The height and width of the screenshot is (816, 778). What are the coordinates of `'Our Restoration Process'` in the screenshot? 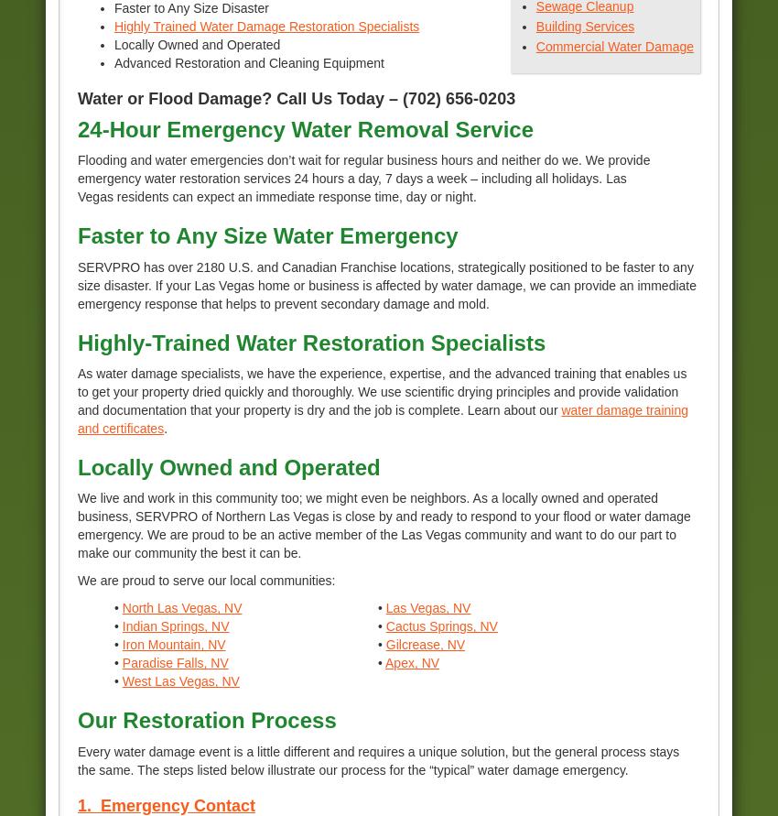 It's located at (78, 720).